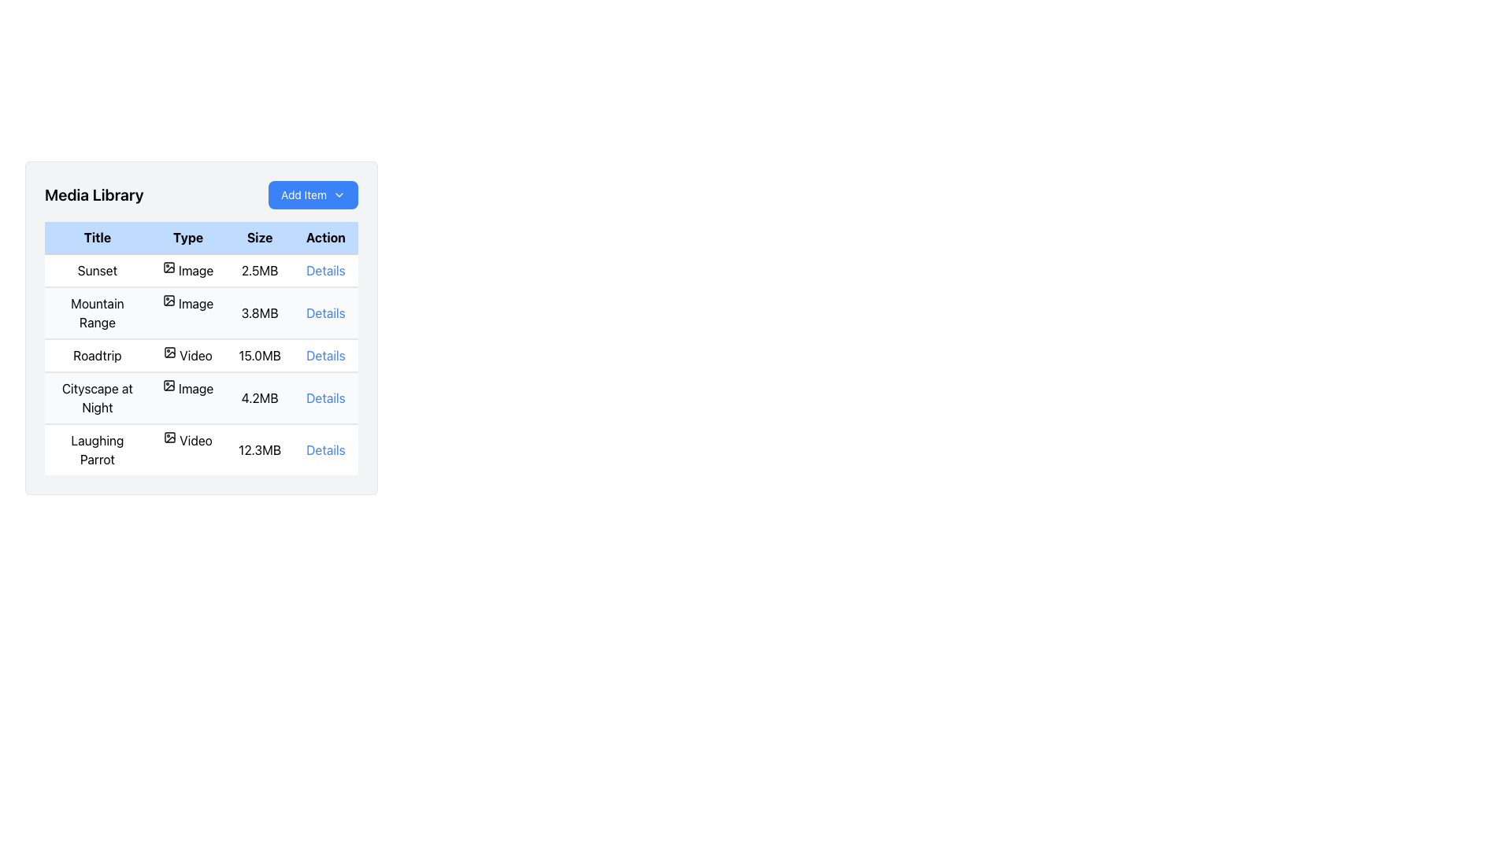  Describe the element at coordinates (324, 397) in the screenshot. I see `the blue-colored text hyperlink labeled 'Details' in the 'Action' column of the 'Media Library' table for the 'Cityscape at Night' row` at that location.